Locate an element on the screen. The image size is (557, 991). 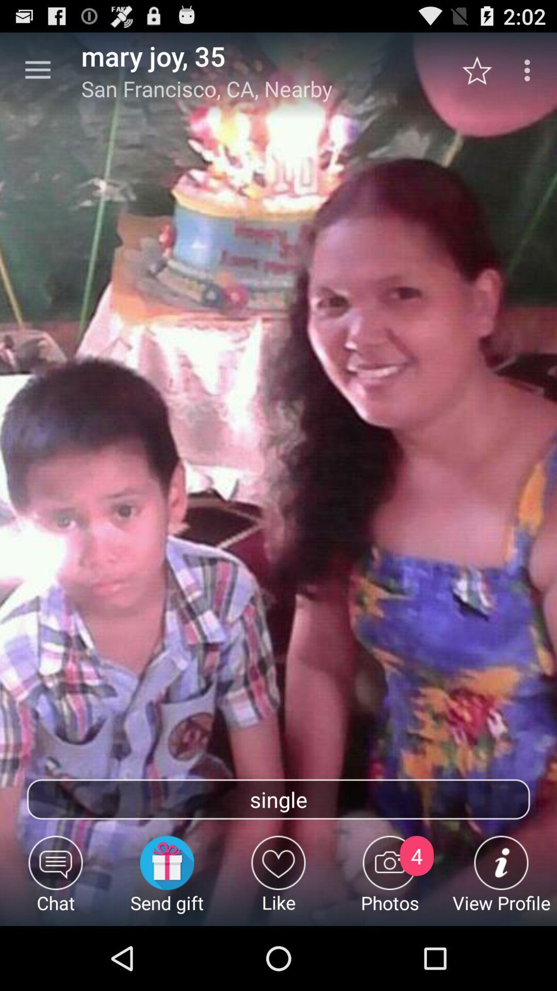
app to the left of the mary joy, 35 item is located at coordinates (37, 70).